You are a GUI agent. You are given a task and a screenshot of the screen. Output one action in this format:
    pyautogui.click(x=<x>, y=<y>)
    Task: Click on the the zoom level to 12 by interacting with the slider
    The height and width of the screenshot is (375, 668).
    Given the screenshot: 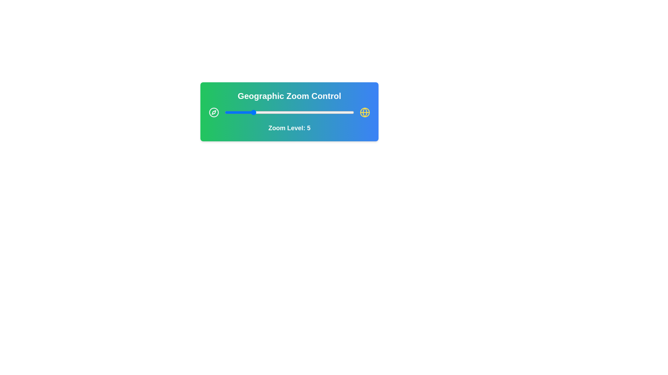 What is the action you would take?
    pyautogui.click(x=300, y=112)
    